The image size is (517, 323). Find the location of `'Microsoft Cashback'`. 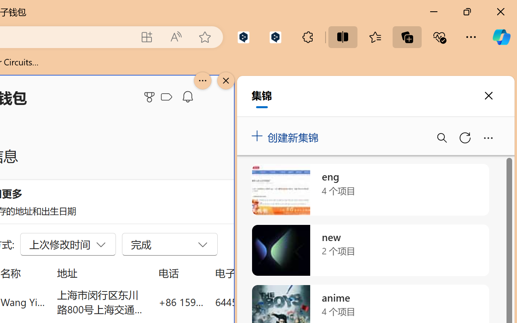

'Microsoft Cashback' is located at coordinates (168, 97).